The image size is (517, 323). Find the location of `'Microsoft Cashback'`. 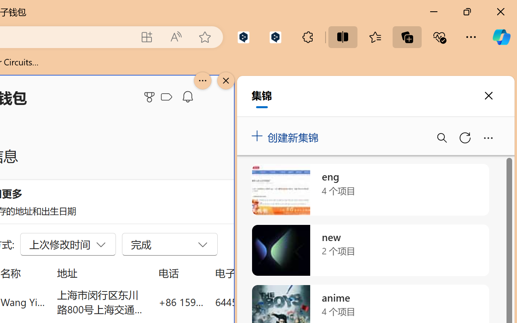

'Microsoft Cashback' is located at coordinates (168, 97).